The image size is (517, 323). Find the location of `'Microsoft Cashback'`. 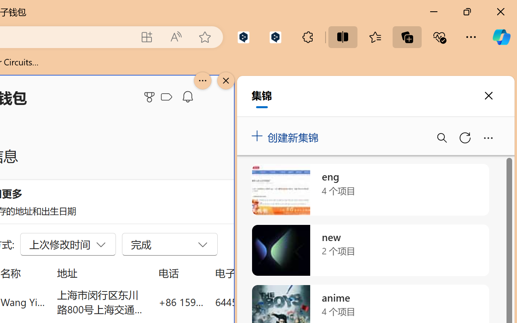

'Microsoft Cashback' is located at coordinates (168, 97).